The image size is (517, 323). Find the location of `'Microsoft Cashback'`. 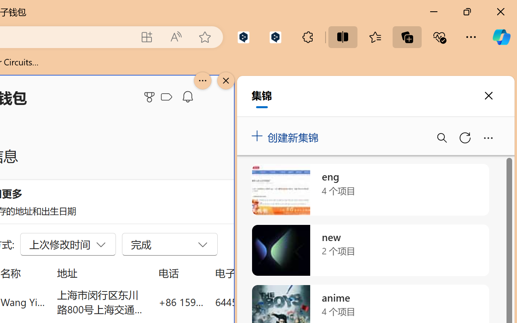

'Microsoft Cashback' is located at coordinates (168, 97).